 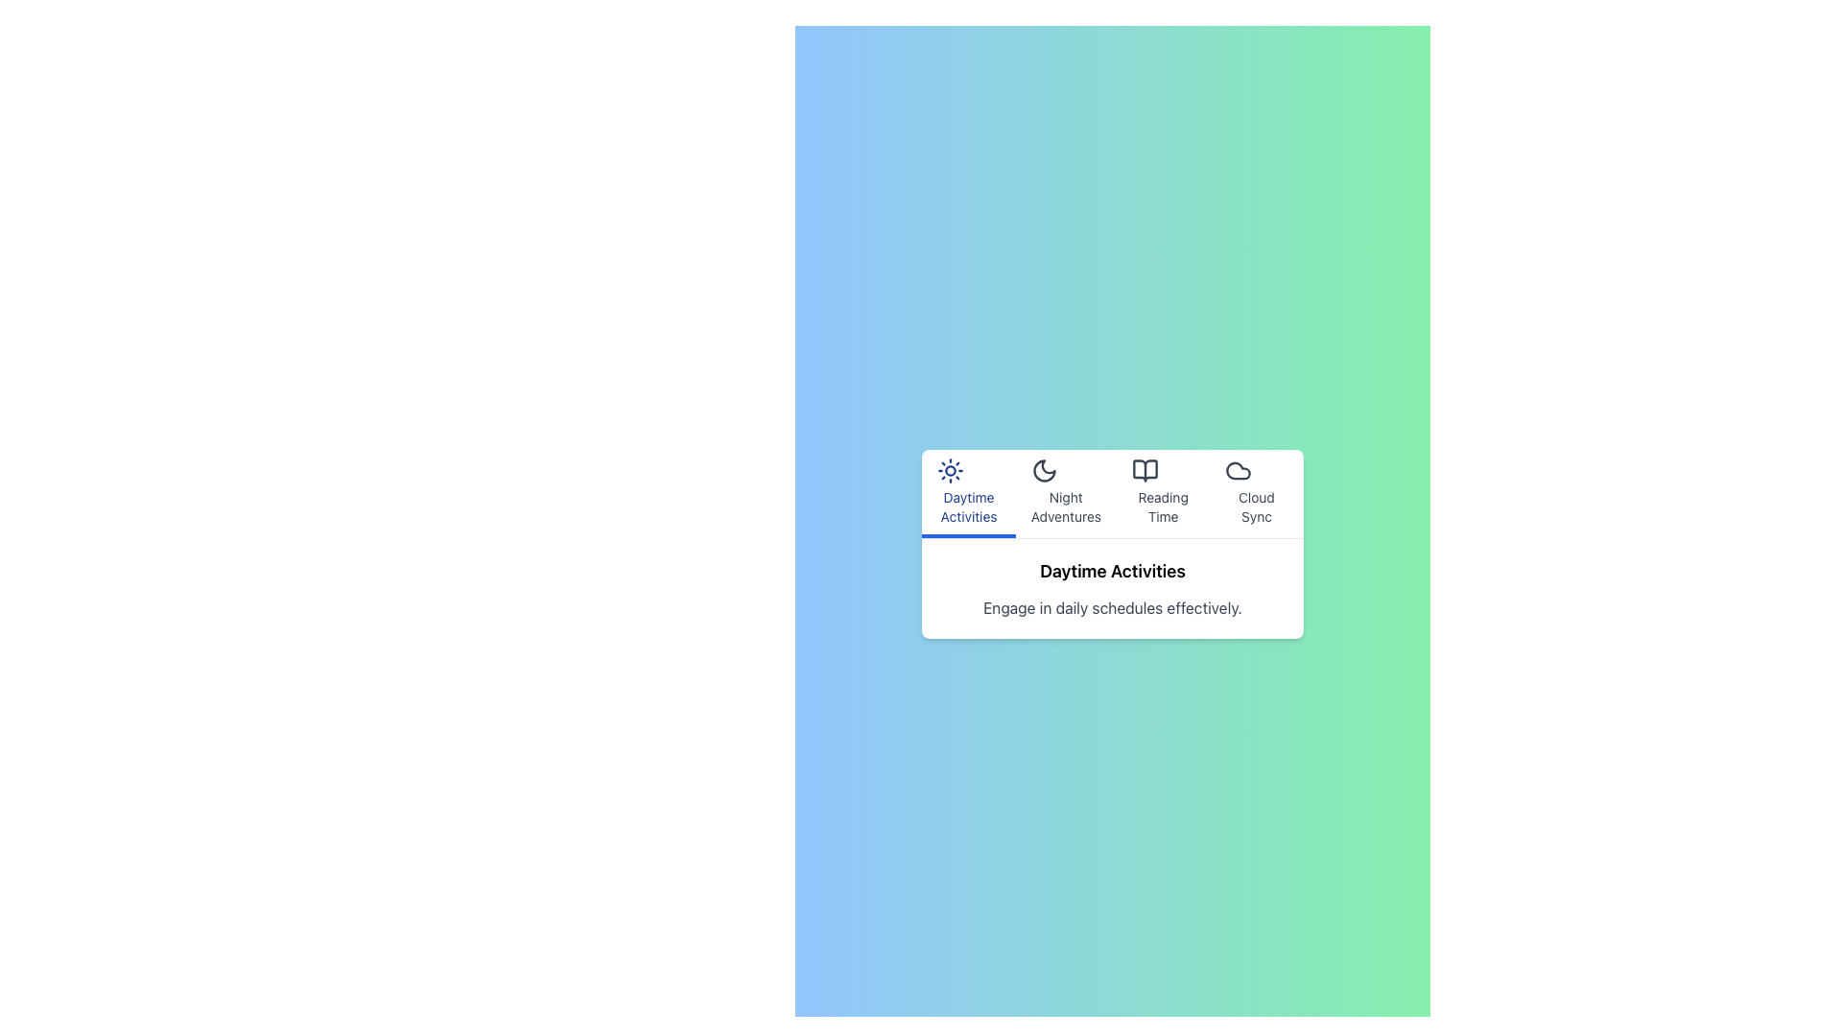 I want to click on the SVG Circle Element that represents the daytime activity feature, which is part of the sun illustration in the 'Daytime Activities' button in the navigation bar, so click(x=951, y=470).